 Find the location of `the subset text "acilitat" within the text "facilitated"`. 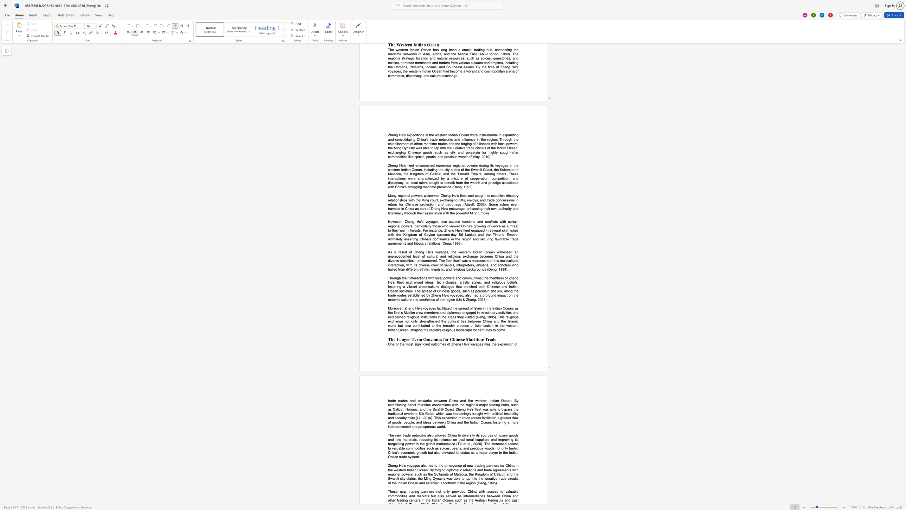

the subset text "acilitat" within the text "facilitated" is located at coordinates (483, 417).